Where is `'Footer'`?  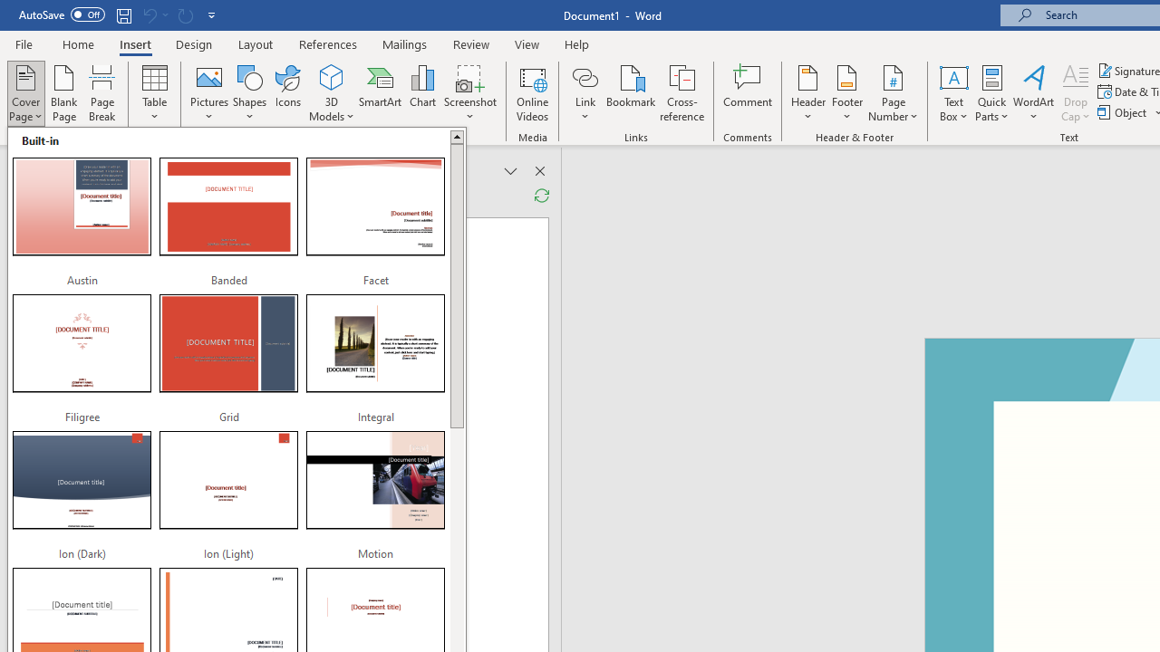 'Footer' is located at coordinates (846, 93).